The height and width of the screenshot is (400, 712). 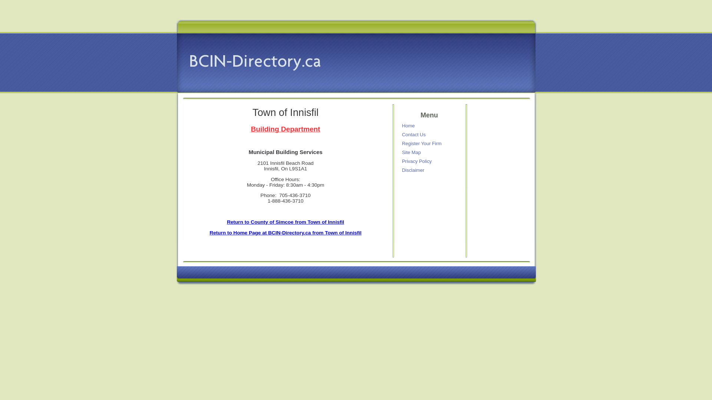 I want to click on 'Contact Us', so click(x=400, y=134).